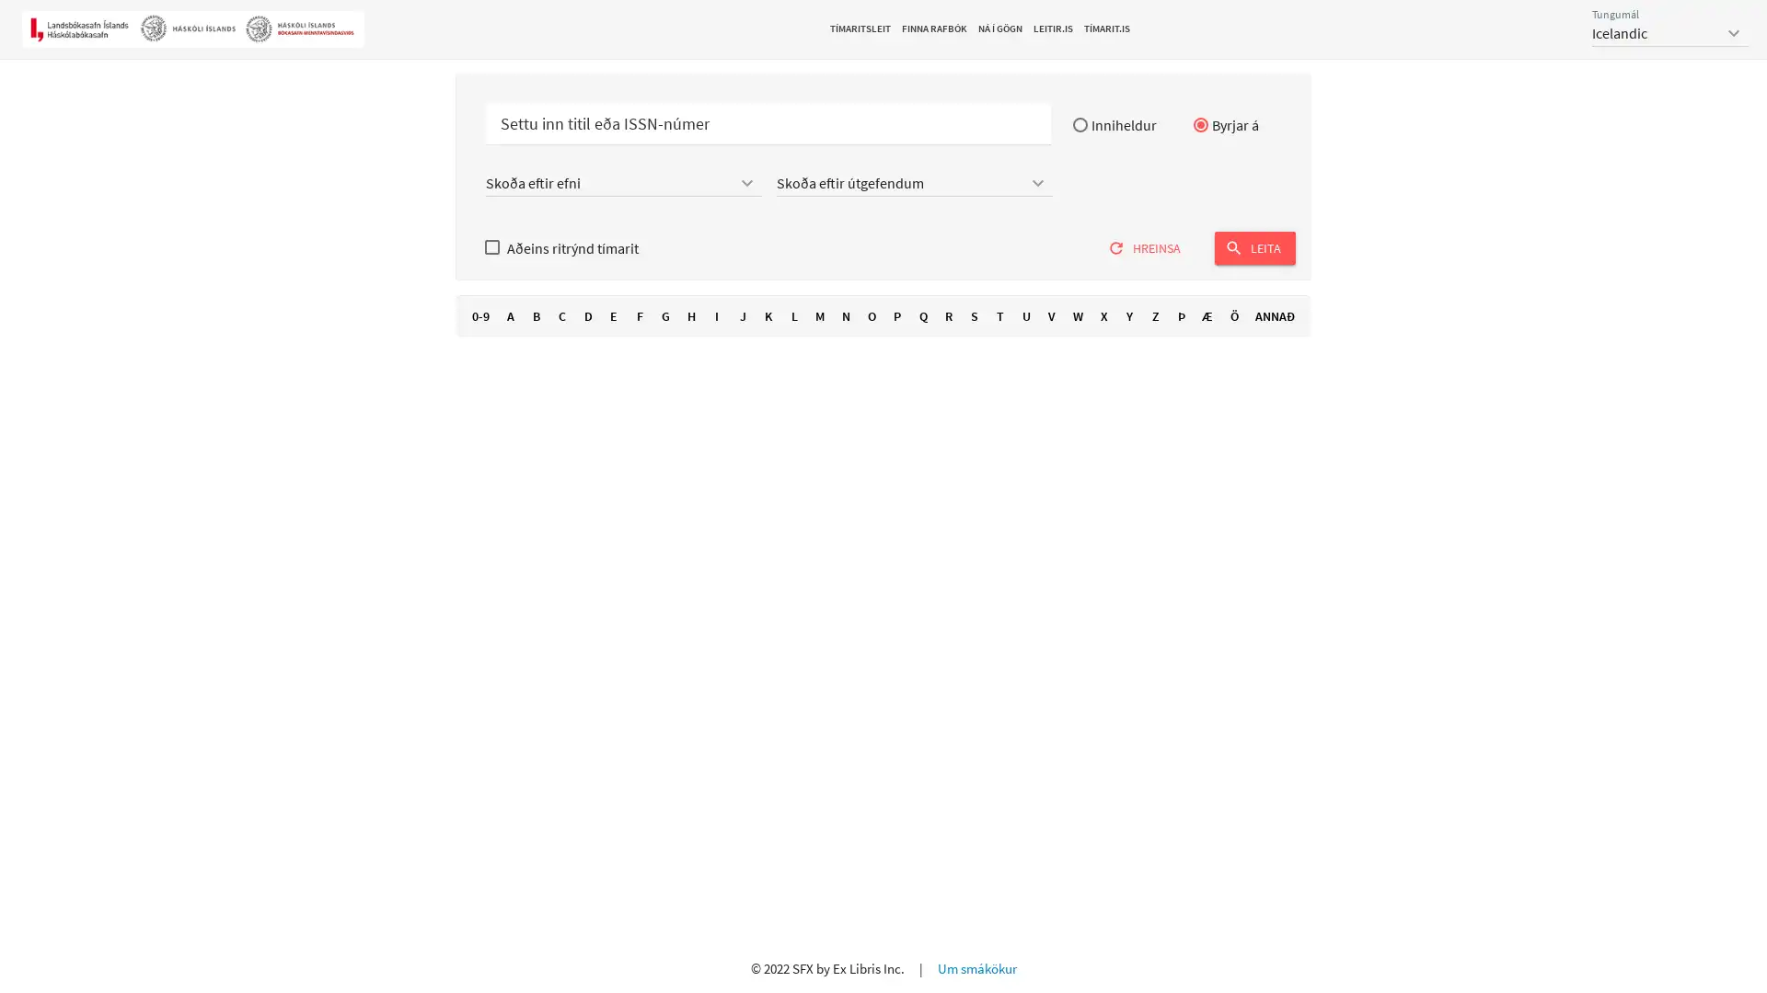 Image resolution: width=1767 pixels, height=993 pixels. Describe the element at coordinates (1078, 314) in the screenshot. I see `W` at that location.